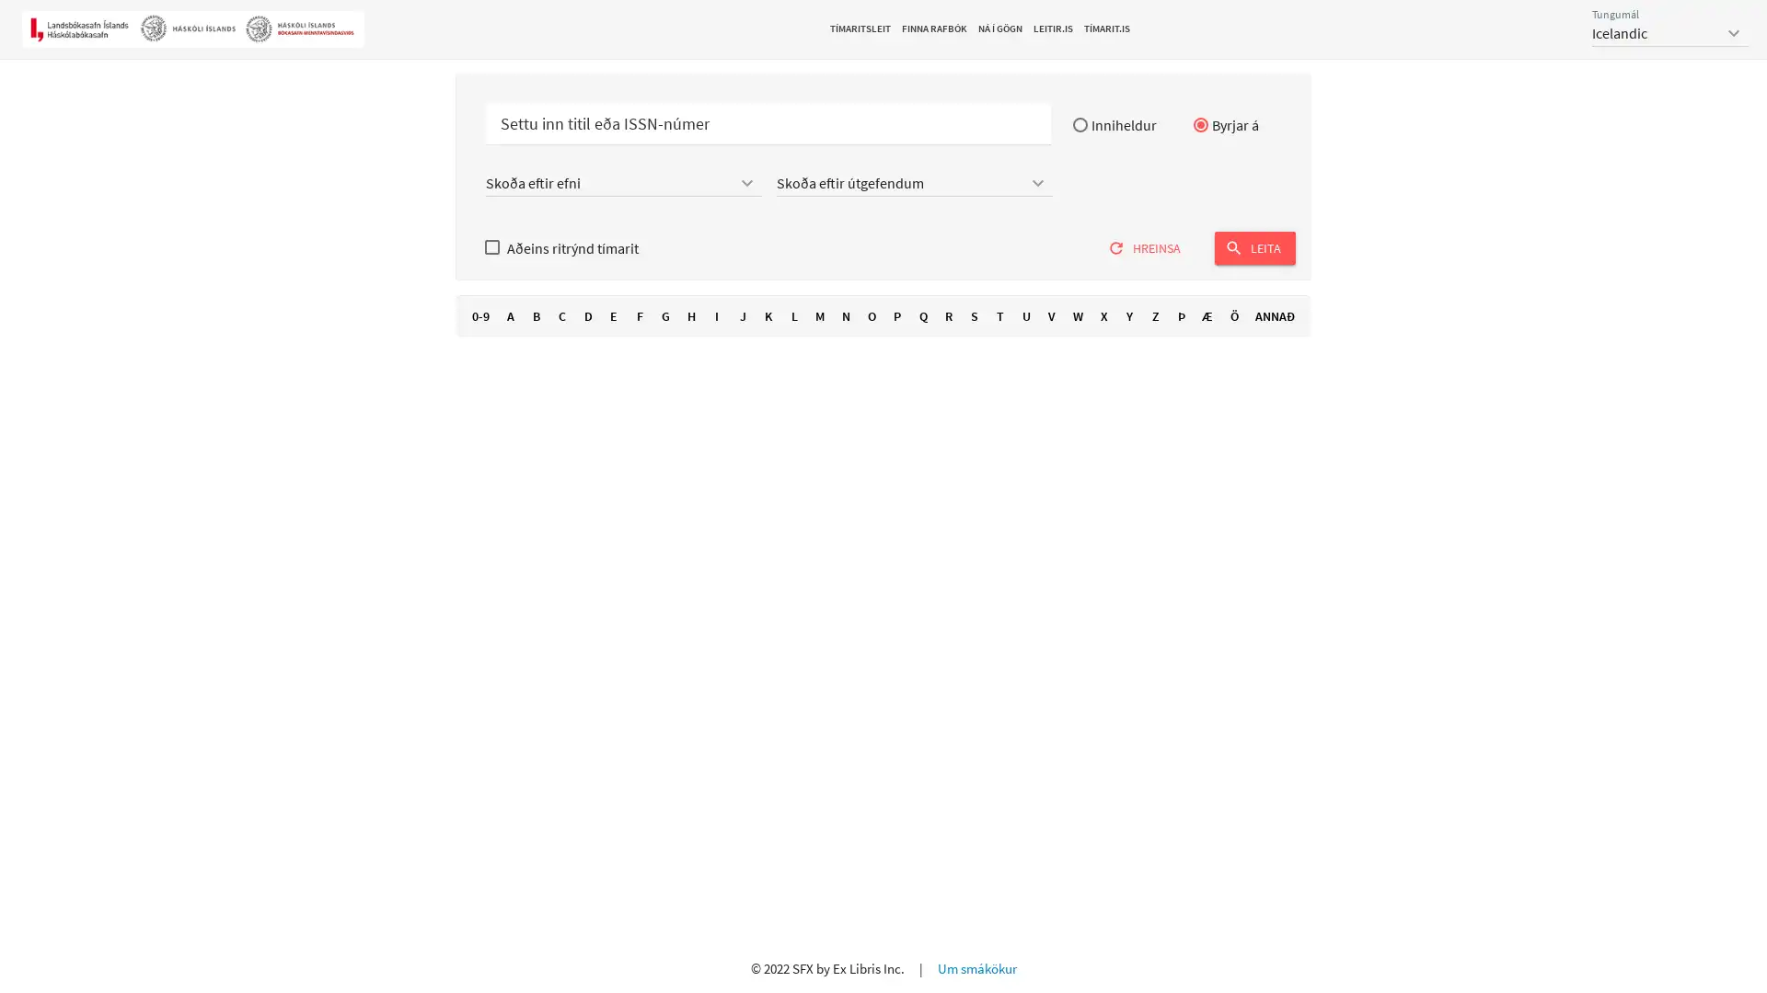 Image resolution: width=1767 pixels, height=993 pixels. Describe the element at coordinates (1078, 314) in the screenshot. I see `W` at that location.